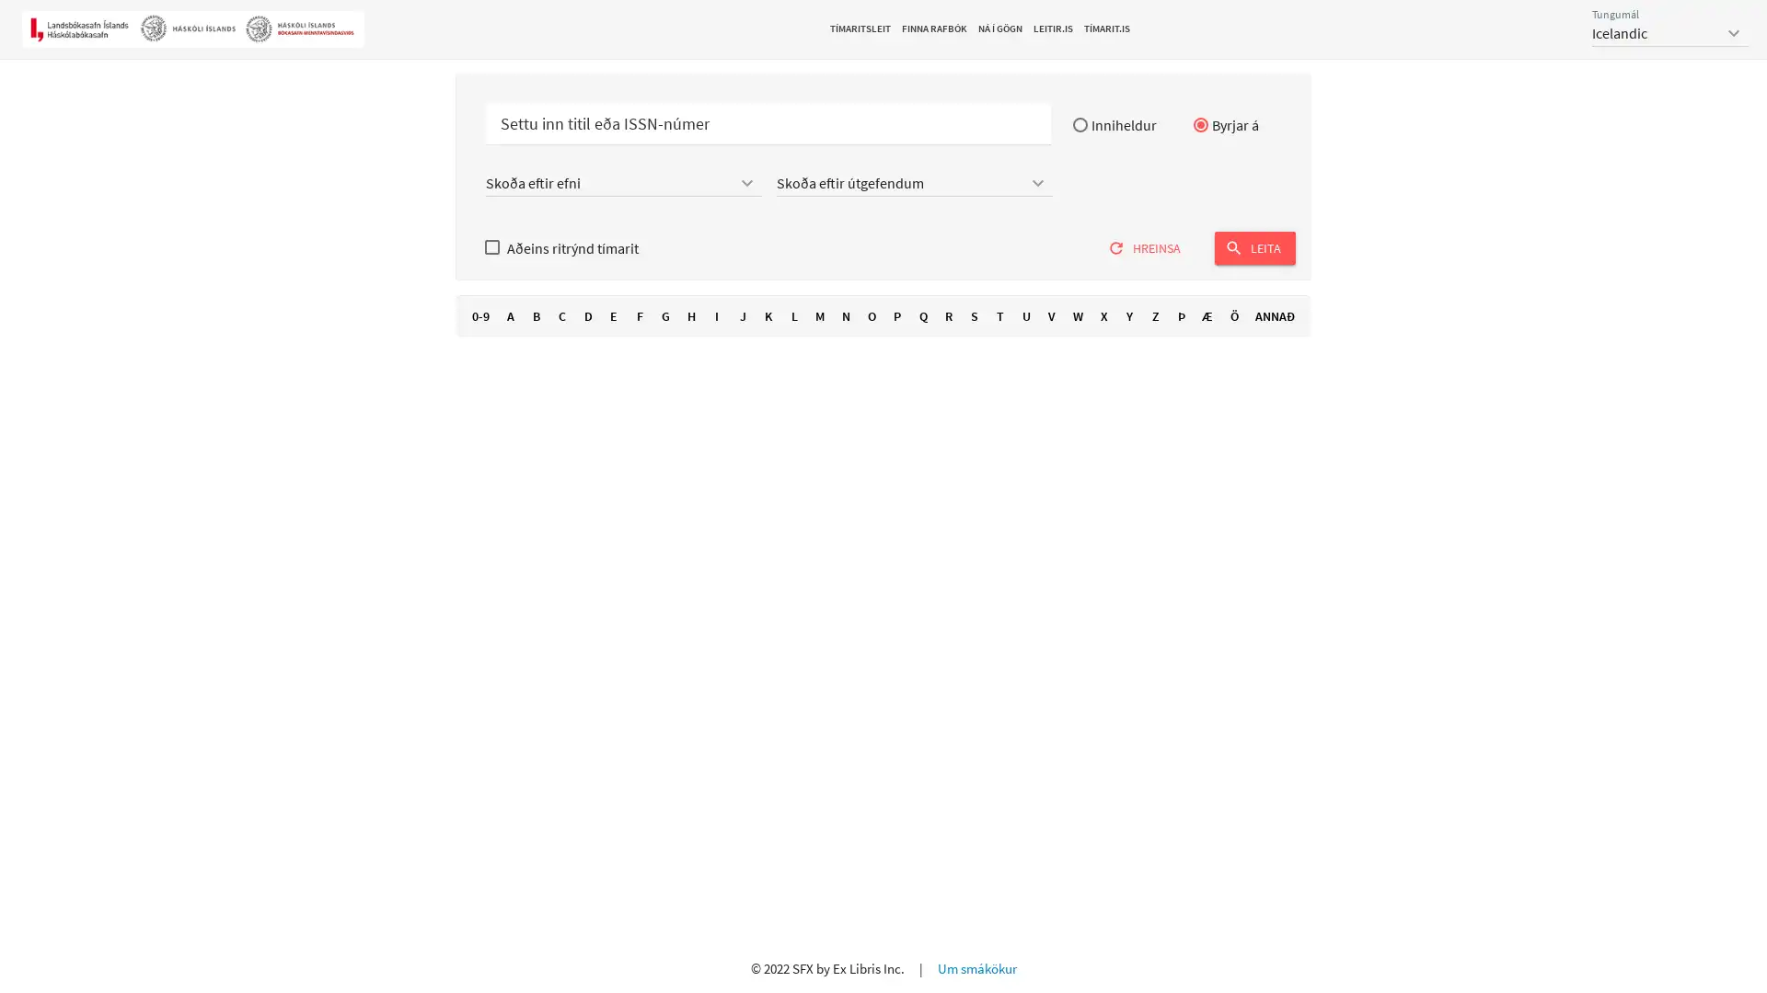 Image resolution: width=1767 pixels, height=993 pixels. Describe the element at coordinates (1078, 314) in the screenshot. I see `W` at that location.